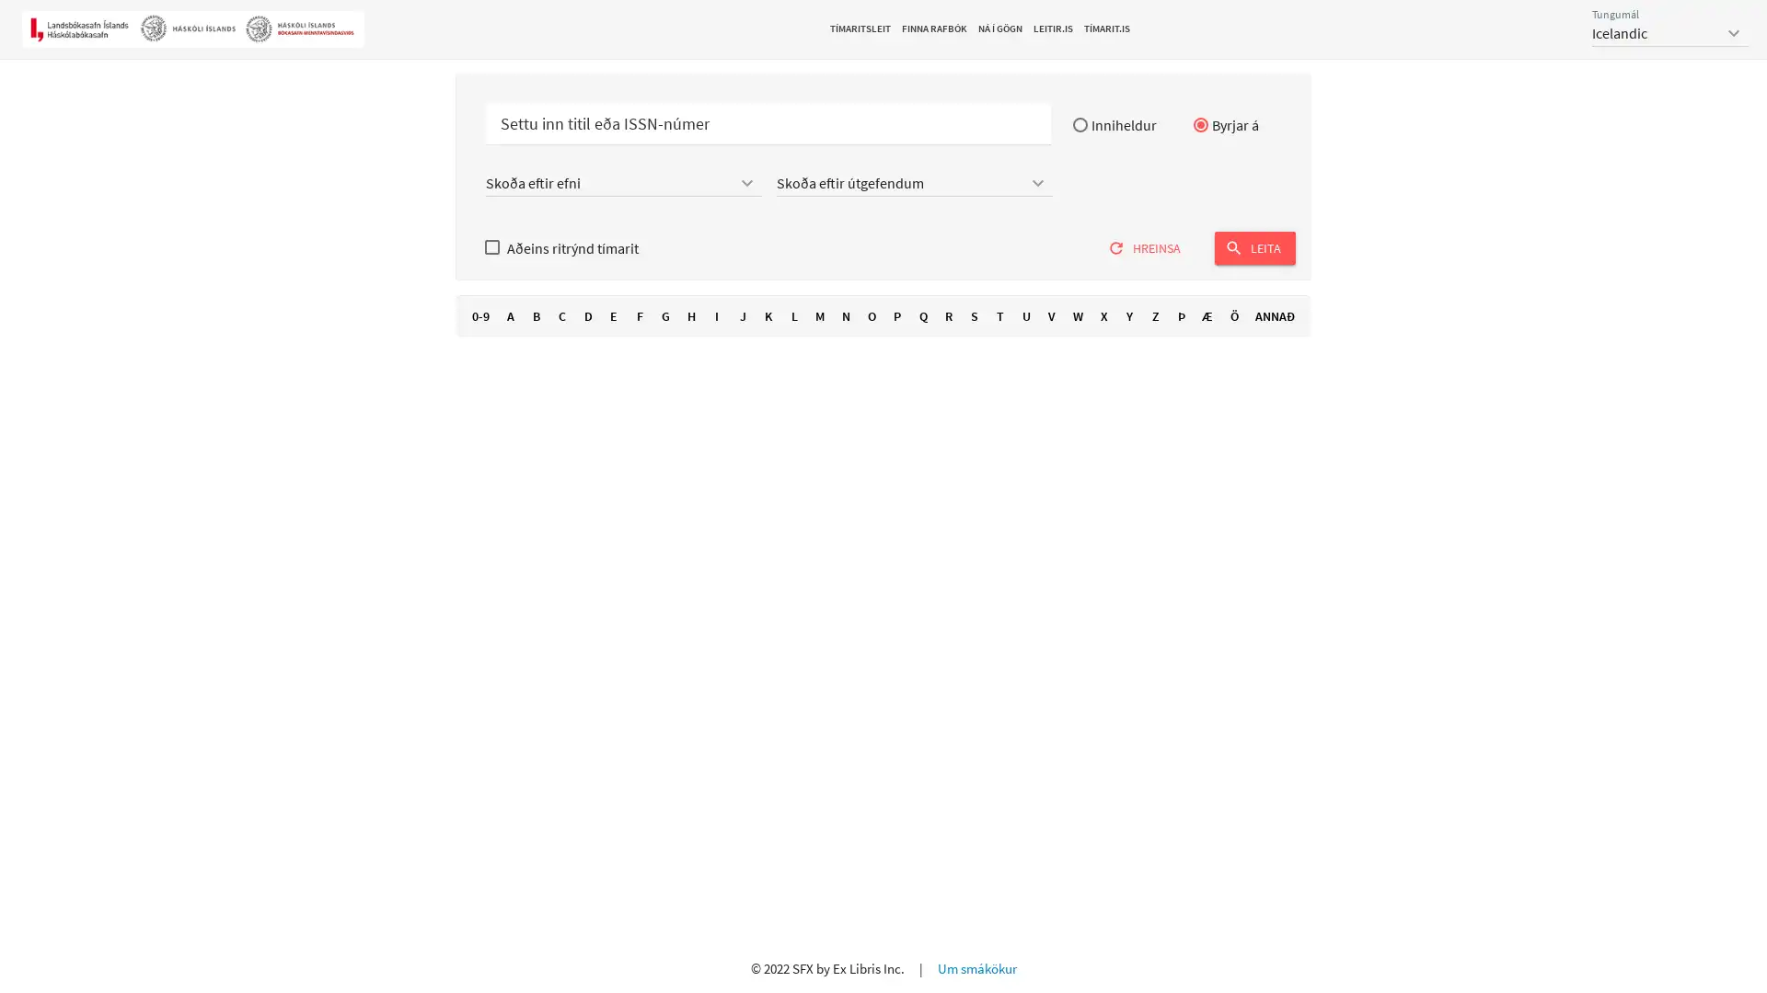 Image resolution: width=1767 pixels, height=993 pixels. Describe the element at coordinates (1078, 314) in the screenshot. I see `W` at that location.